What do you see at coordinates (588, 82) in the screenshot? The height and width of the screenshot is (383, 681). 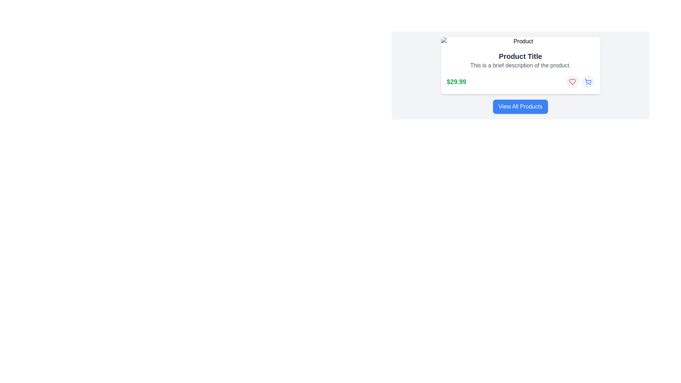 I see `the shopping cart icon with blue outlines located within a rounded square button at the bottom-right corner of the product information card` at bounding box center [588, 82].